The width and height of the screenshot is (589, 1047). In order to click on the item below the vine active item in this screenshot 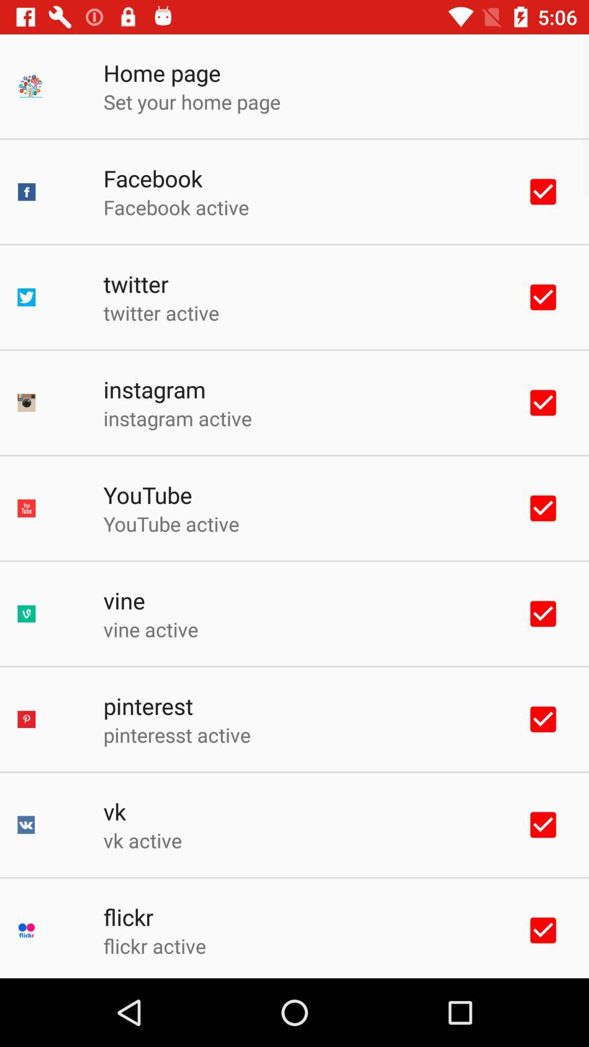, I will do `click(148, 706)`.